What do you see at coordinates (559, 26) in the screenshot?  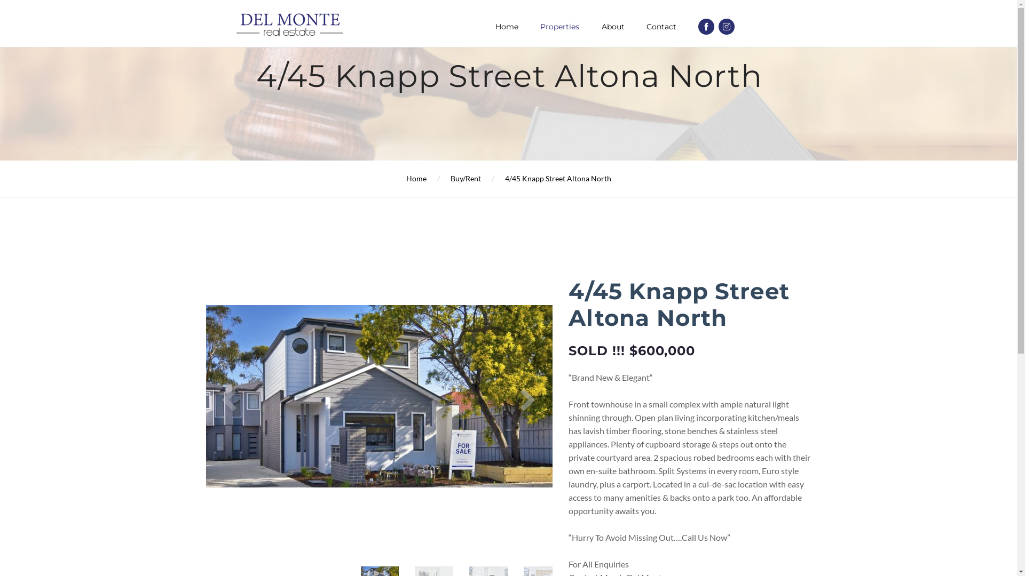 I see `'Properties'` at bounding box center [559, 26].